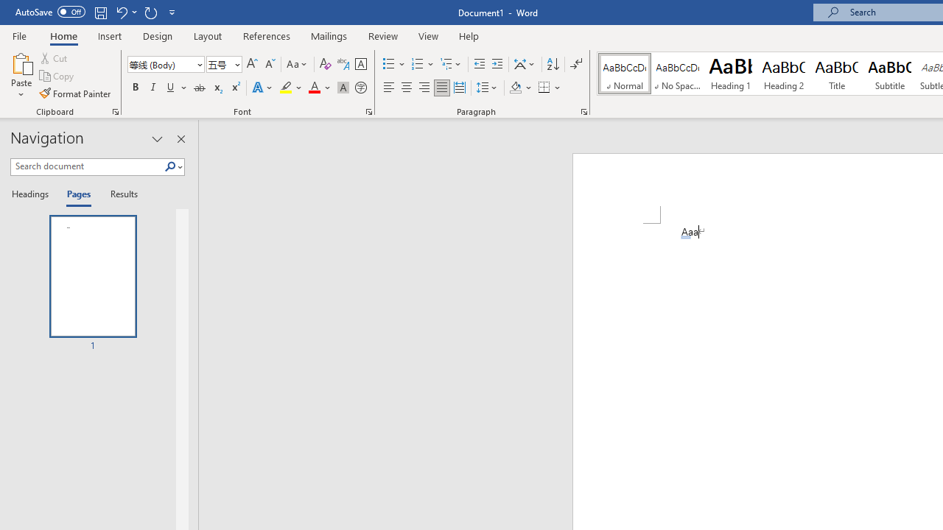 This screenshot has height=530, width=943. Describe the element at coordinates (441, 88) in the screenshot. I see `'Justify'` at that location.